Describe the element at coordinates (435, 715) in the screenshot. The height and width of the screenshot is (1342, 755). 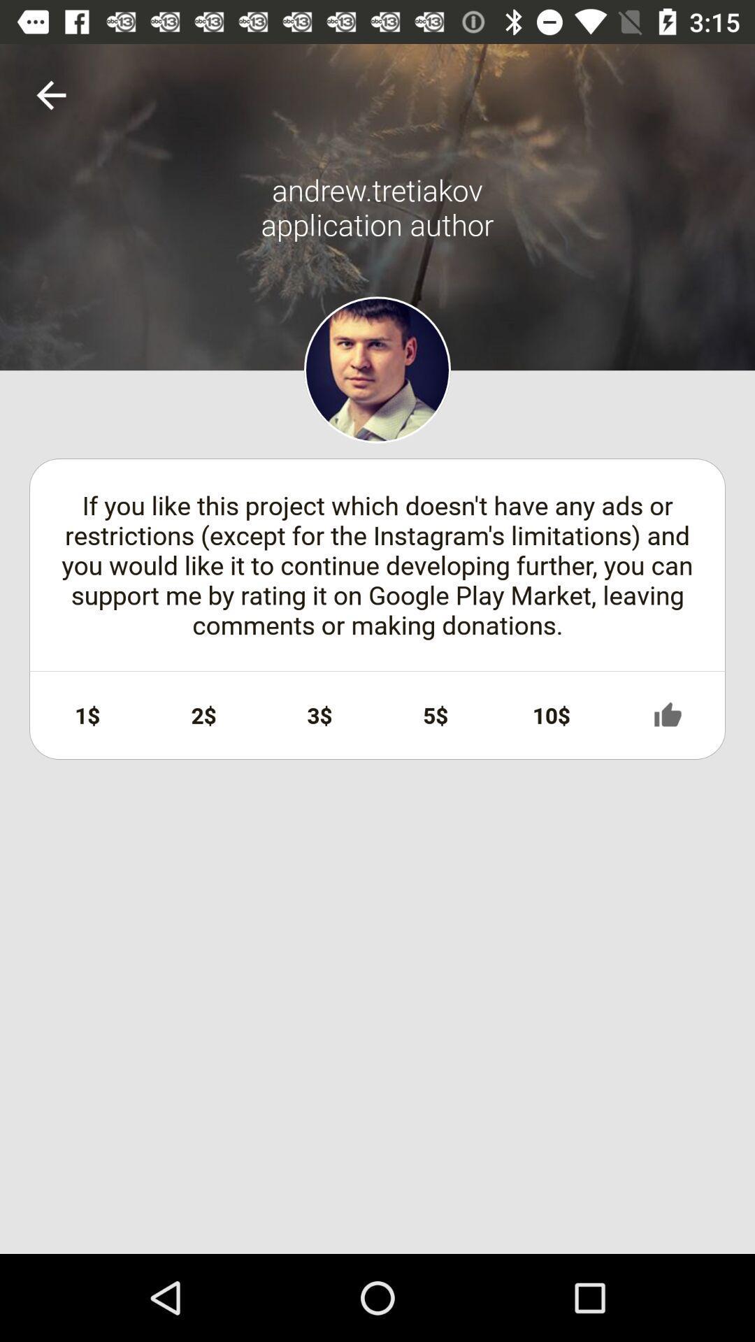
I see `icon to the right of 3$ item` at that location.